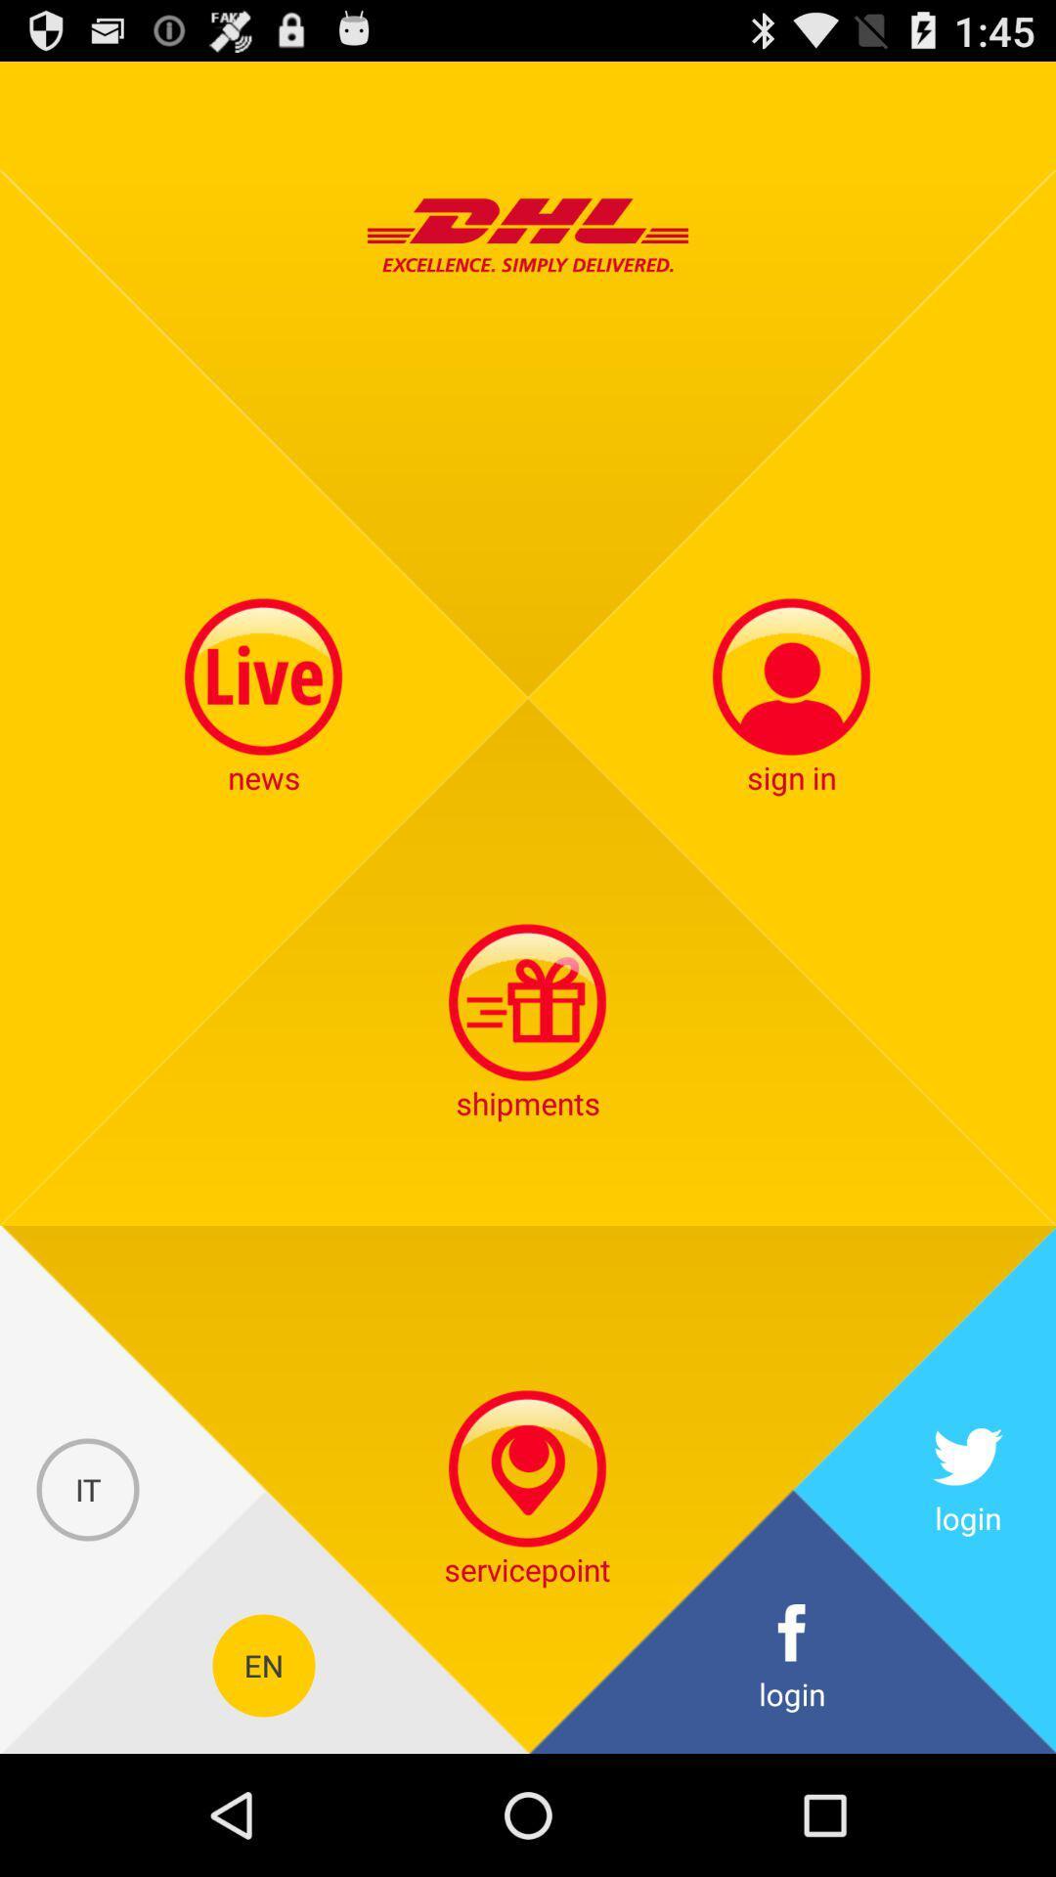  What do you see at coordinates (968, 1489) in the screenshot?
I see `twitter icon` at bounding box center [968, 1489].